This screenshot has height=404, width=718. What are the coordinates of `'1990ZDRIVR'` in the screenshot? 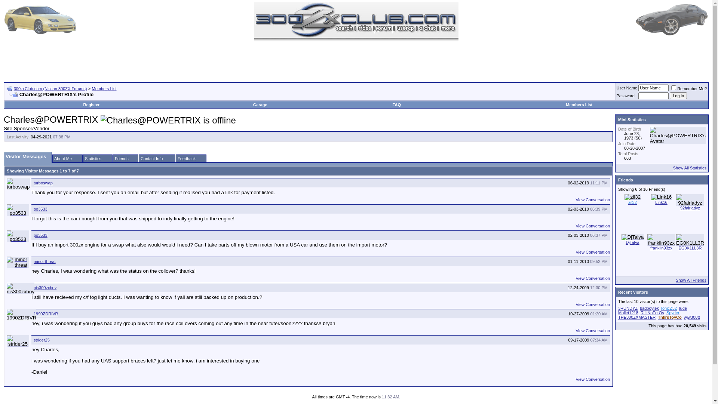 It's located at (45, 314).